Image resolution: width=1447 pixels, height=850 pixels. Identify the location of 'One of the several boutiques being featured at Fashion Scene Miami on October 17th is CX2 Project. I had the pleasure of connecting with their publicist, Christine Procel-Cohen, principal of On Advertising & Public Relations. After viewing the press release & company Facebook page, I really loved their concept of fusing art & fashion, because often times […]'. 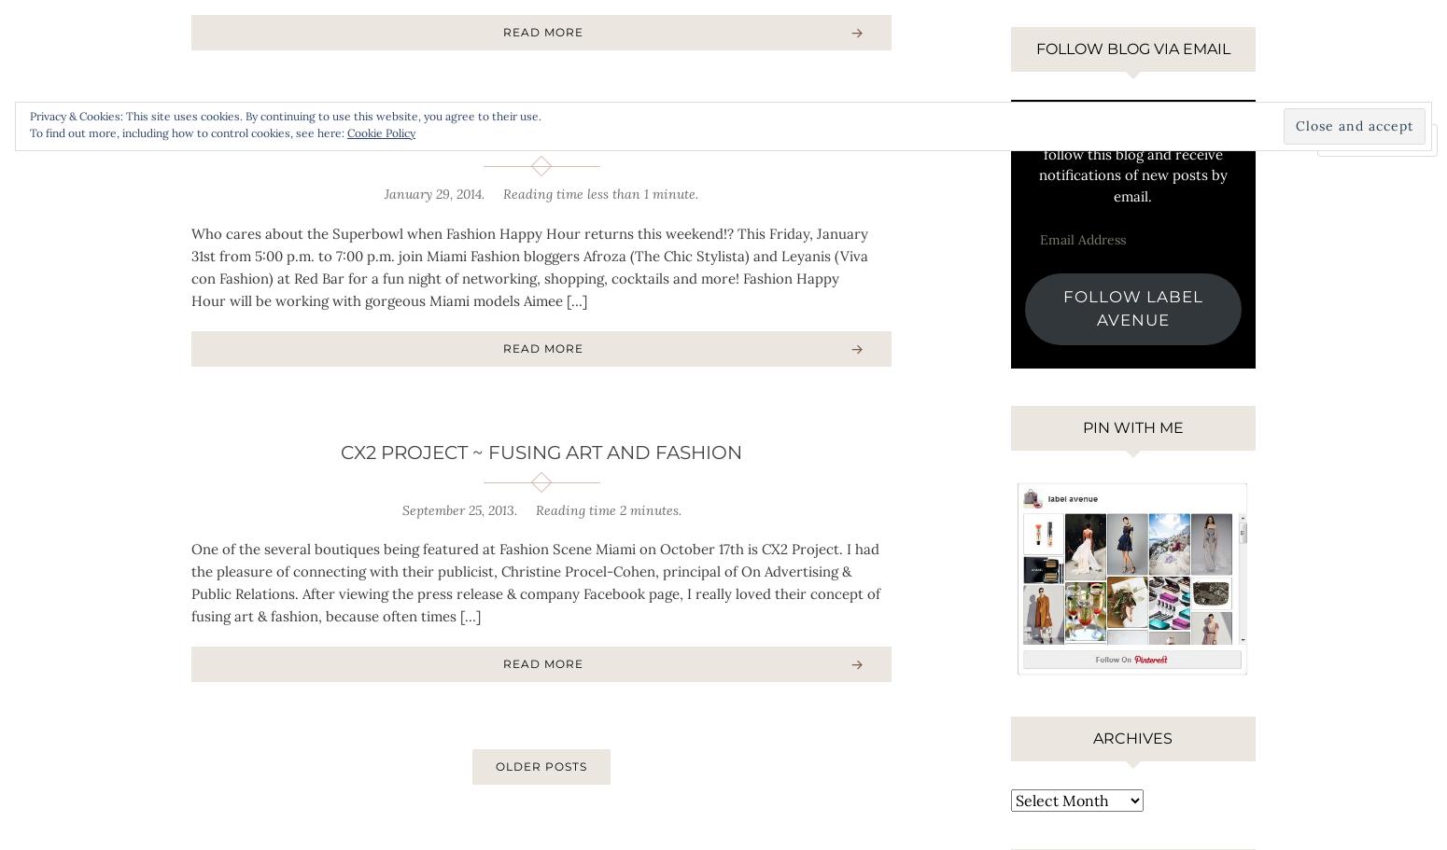
(535, 581).